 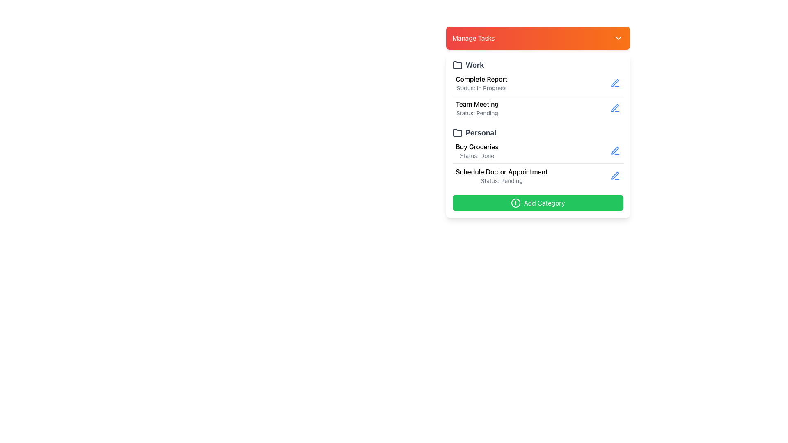 What do you see at coordinates (538, 83) in the screenshot?
I see `the 'Complete Report' component which has the subtitle 'Status: In Progress'` at bounding box center [538, 83].